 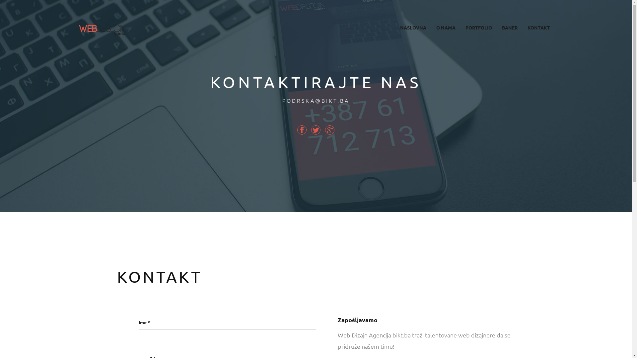 I want to click on 'NASLOVNA', so click(x=412, y=28).